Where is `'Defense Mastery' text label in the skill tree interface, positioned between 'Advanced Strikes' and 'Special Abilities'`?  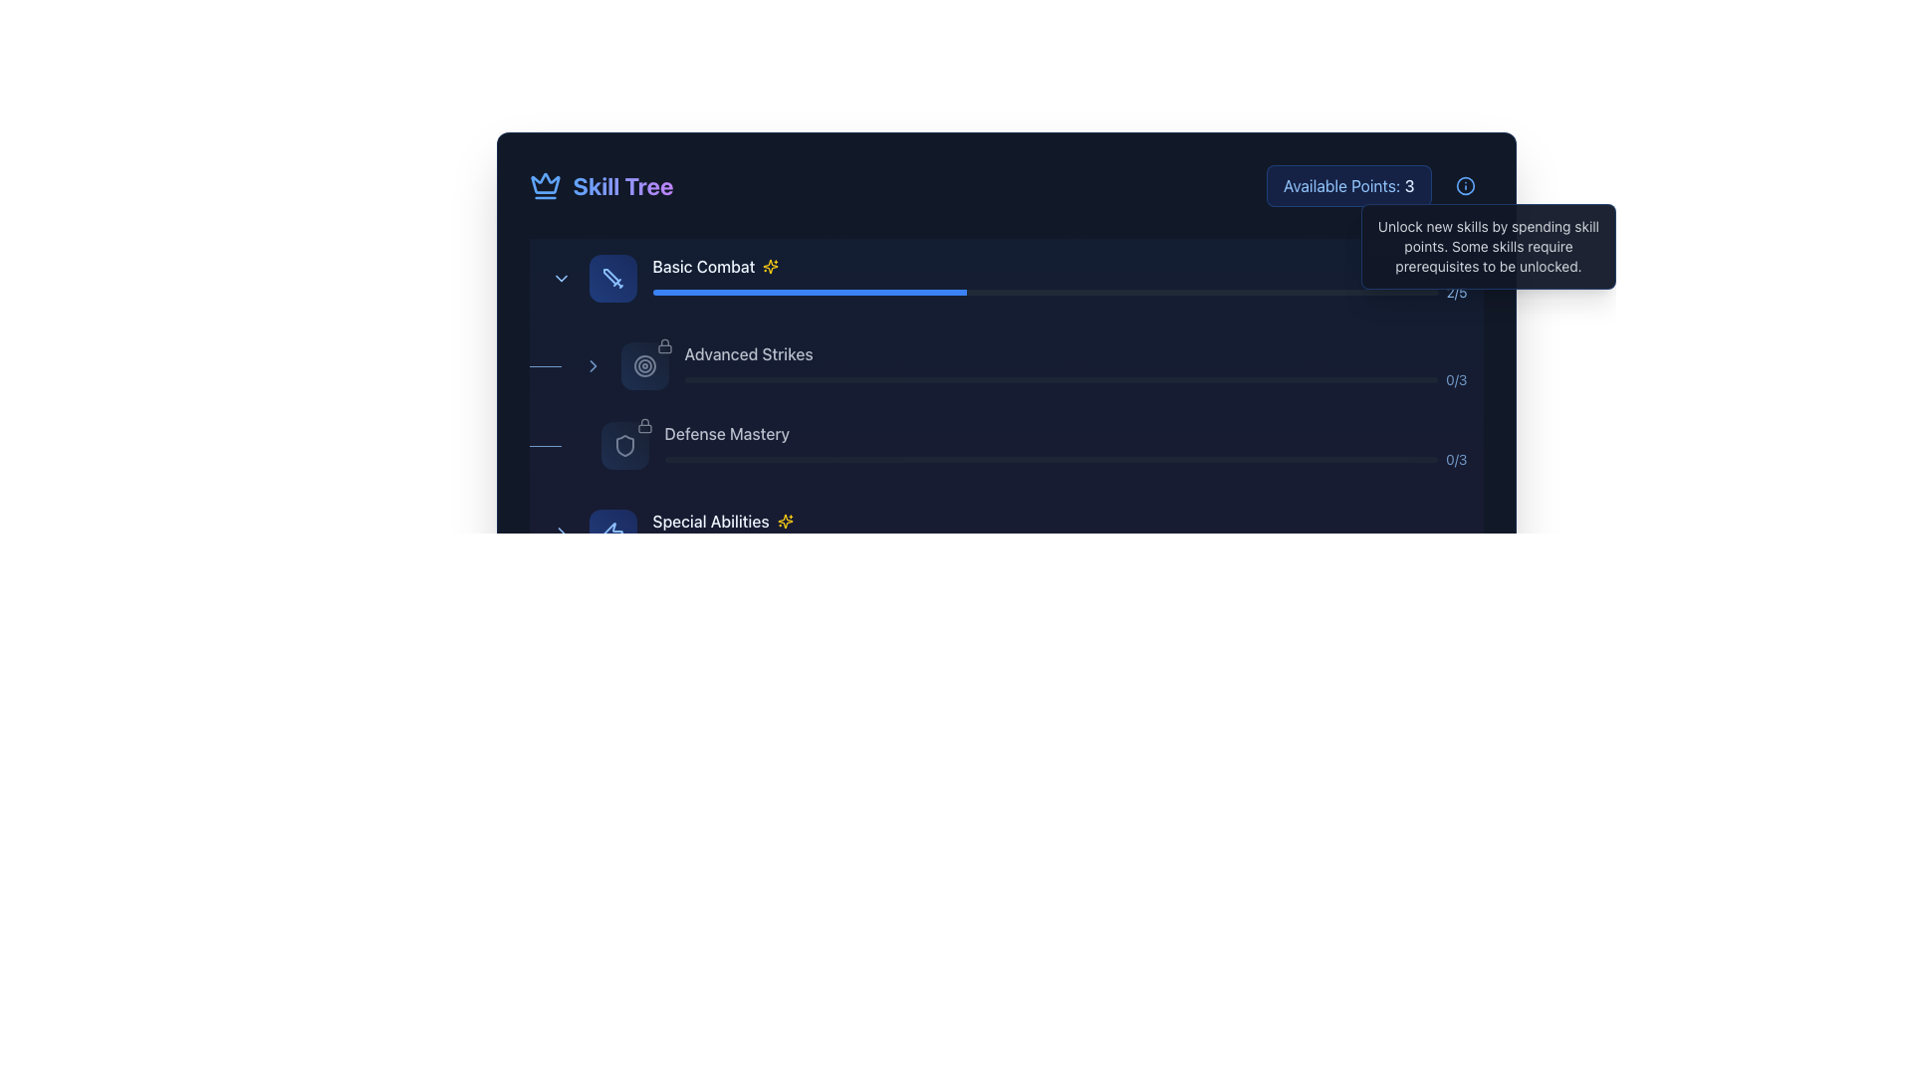
'Defense Mastery' text label in the skill tree interface, positioned between 'Advanced Strikes' and 'Special Abilities' is located at coordinates (726, 432).